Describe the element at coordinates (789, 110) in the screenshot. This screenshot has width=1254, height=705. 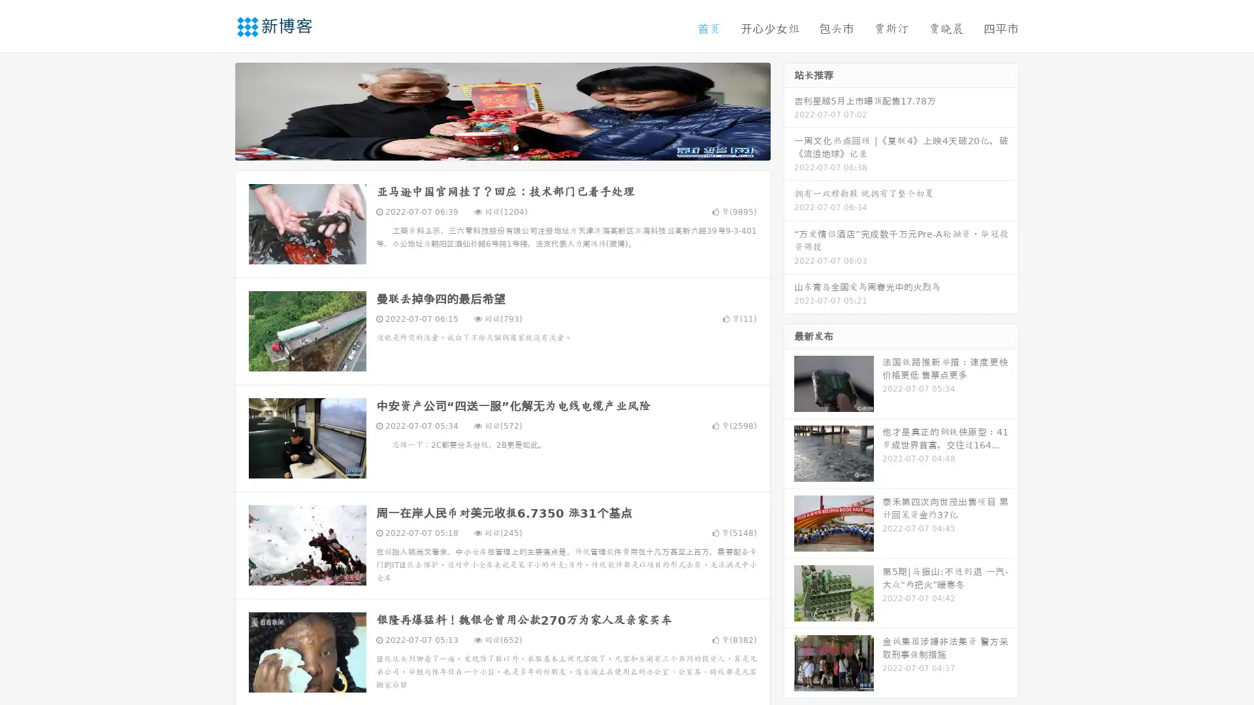
I see `Next slide` at that location.